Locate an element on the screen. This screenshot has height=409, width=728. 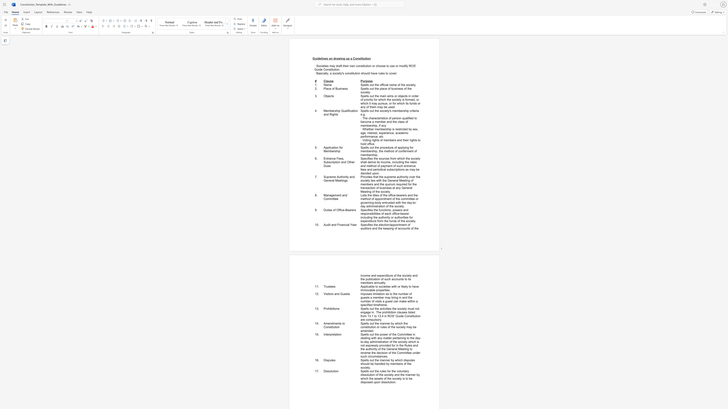
the subset text "d off" within the text "· Voting rights of members and their rights to hold office" is located at coordinates (364, 144).